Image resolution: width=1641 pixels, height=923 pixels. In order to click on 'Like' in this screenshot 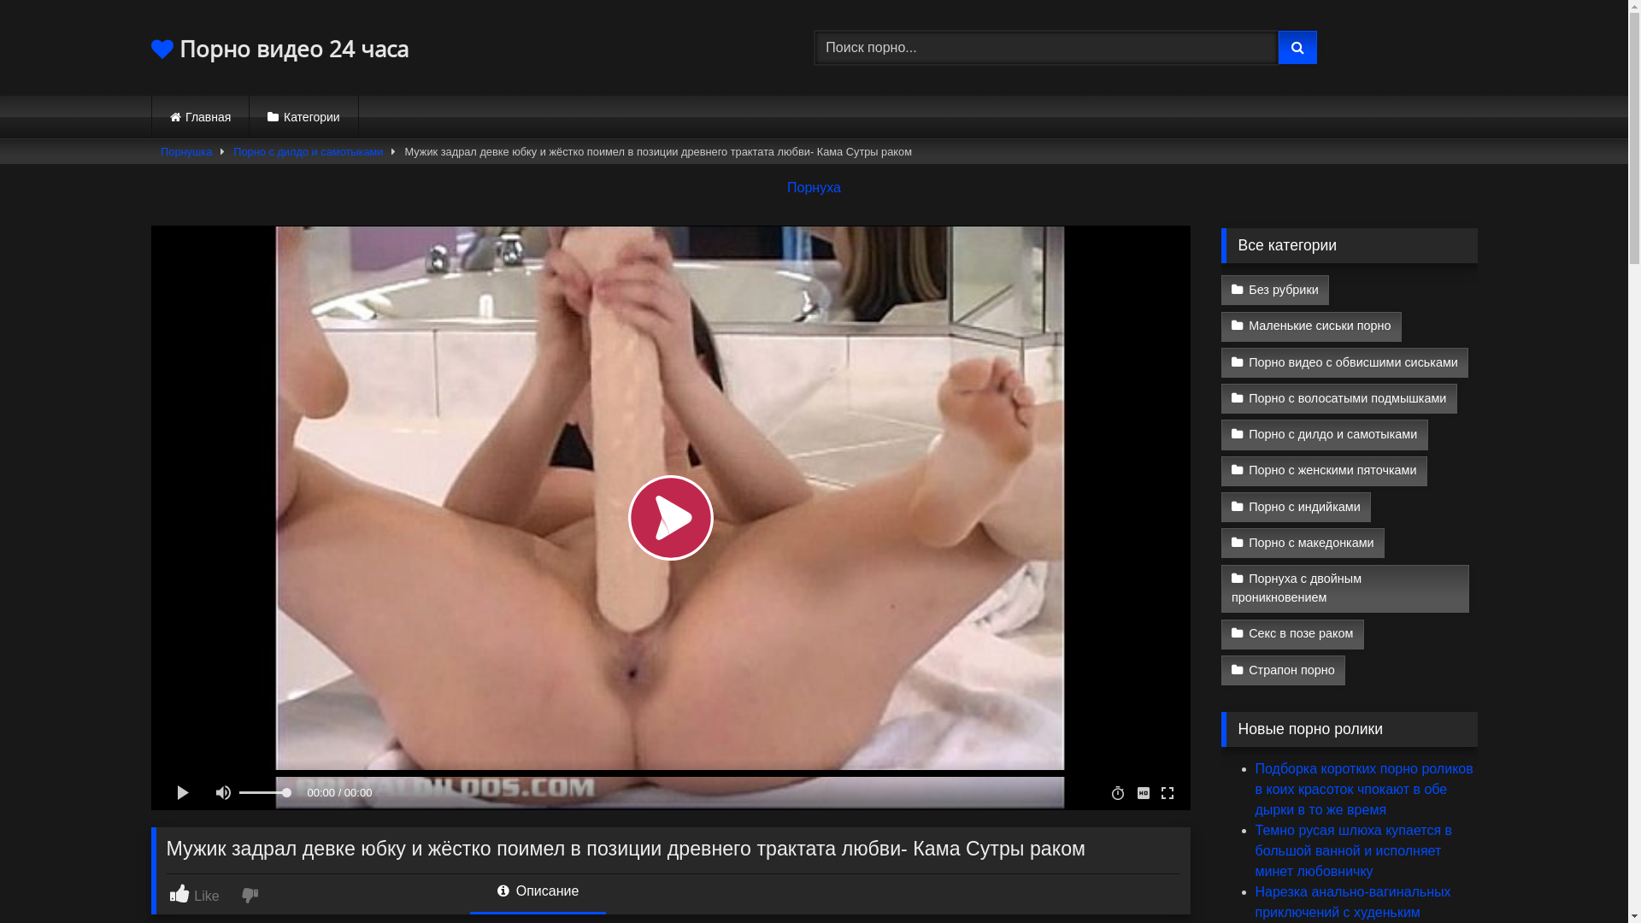, I will do `click(168, 893)`.